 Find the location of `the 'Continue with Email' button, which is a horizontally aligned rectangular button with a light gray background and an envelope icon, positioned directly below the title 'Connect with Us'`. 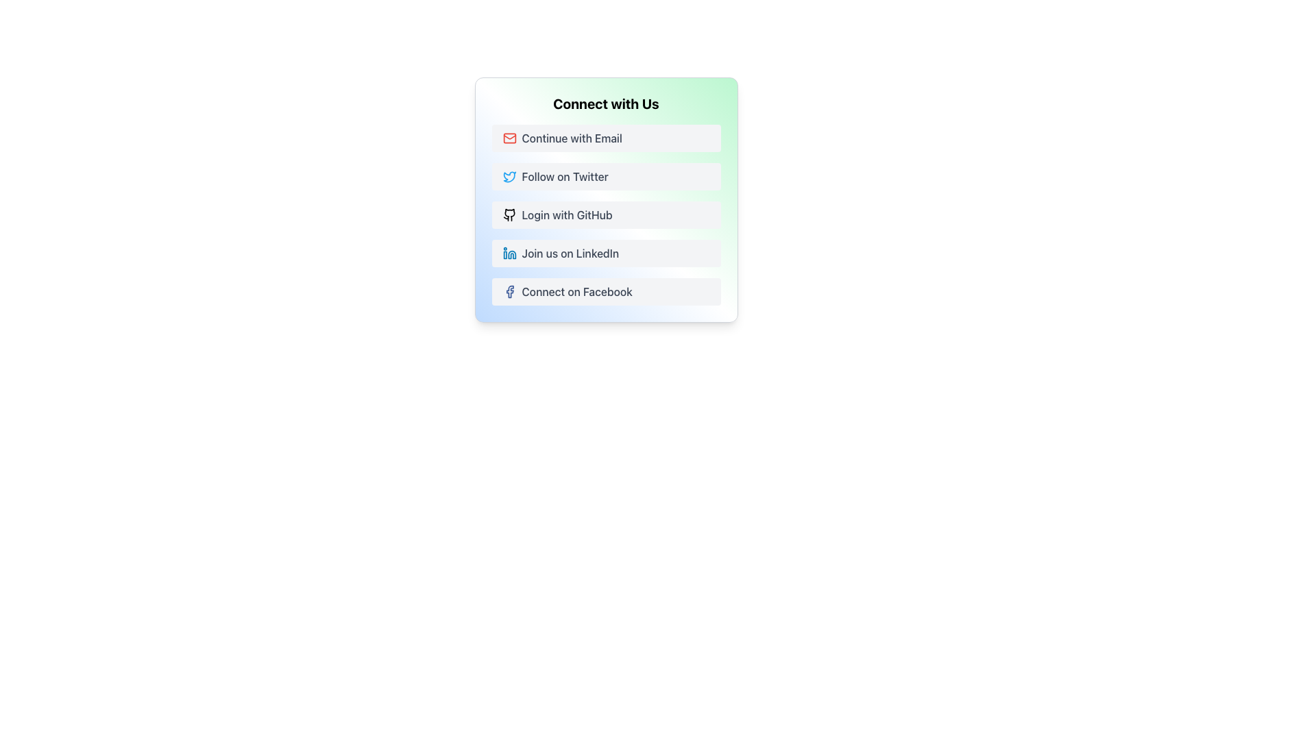

the 'Continue with Email' button, which is a horizontally aligned rectangular button with a light gray background and an envelope icon, positioned directly below the title 'Connect with Us' is located at coordinates (605, 138).